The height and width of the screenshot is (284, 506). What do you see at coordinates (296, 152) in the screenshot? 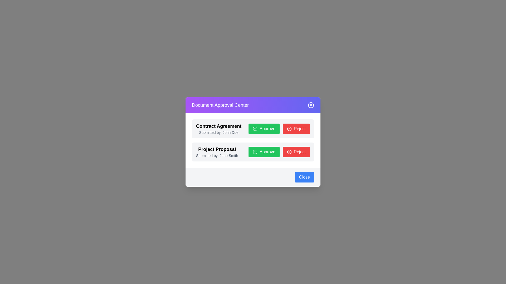
I see `the red 'Reject' button located in the bottom-right section of the 'Project Proposal' modal to reject the proposal` at bounding box center [296, 152].